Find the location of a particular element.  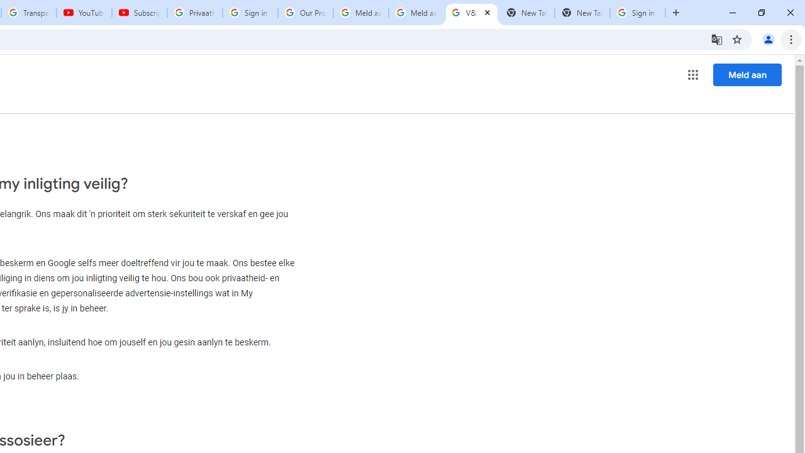

'YouTube' is located at coordinates (83, 13).